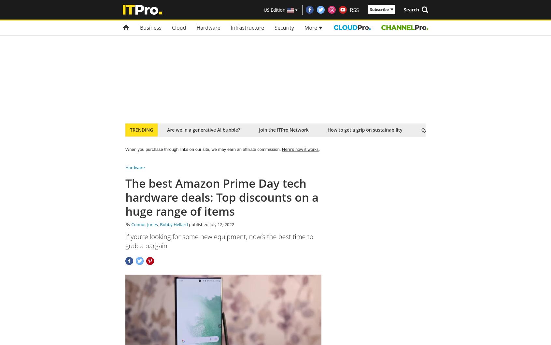  I want to click on 'How to get a grip on sustainability', so click(364, 129).